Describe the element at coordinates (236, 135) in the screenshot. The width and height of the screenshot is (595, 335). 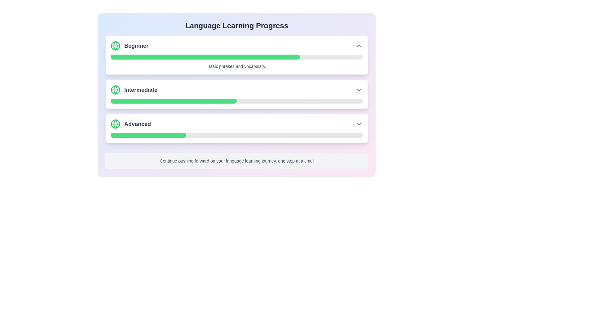
I see `the third progress bar in the 'Advanced' section, which visually represents the user's progress level in the language learning process` at that location.